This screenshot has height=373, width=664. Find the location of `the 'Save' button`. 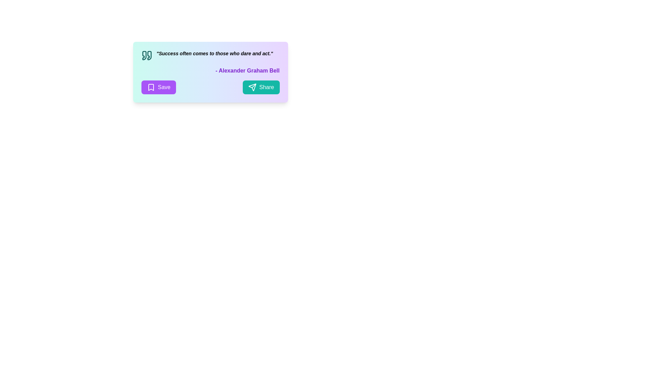

the 'Save' button is located at coordinates (158, 87).